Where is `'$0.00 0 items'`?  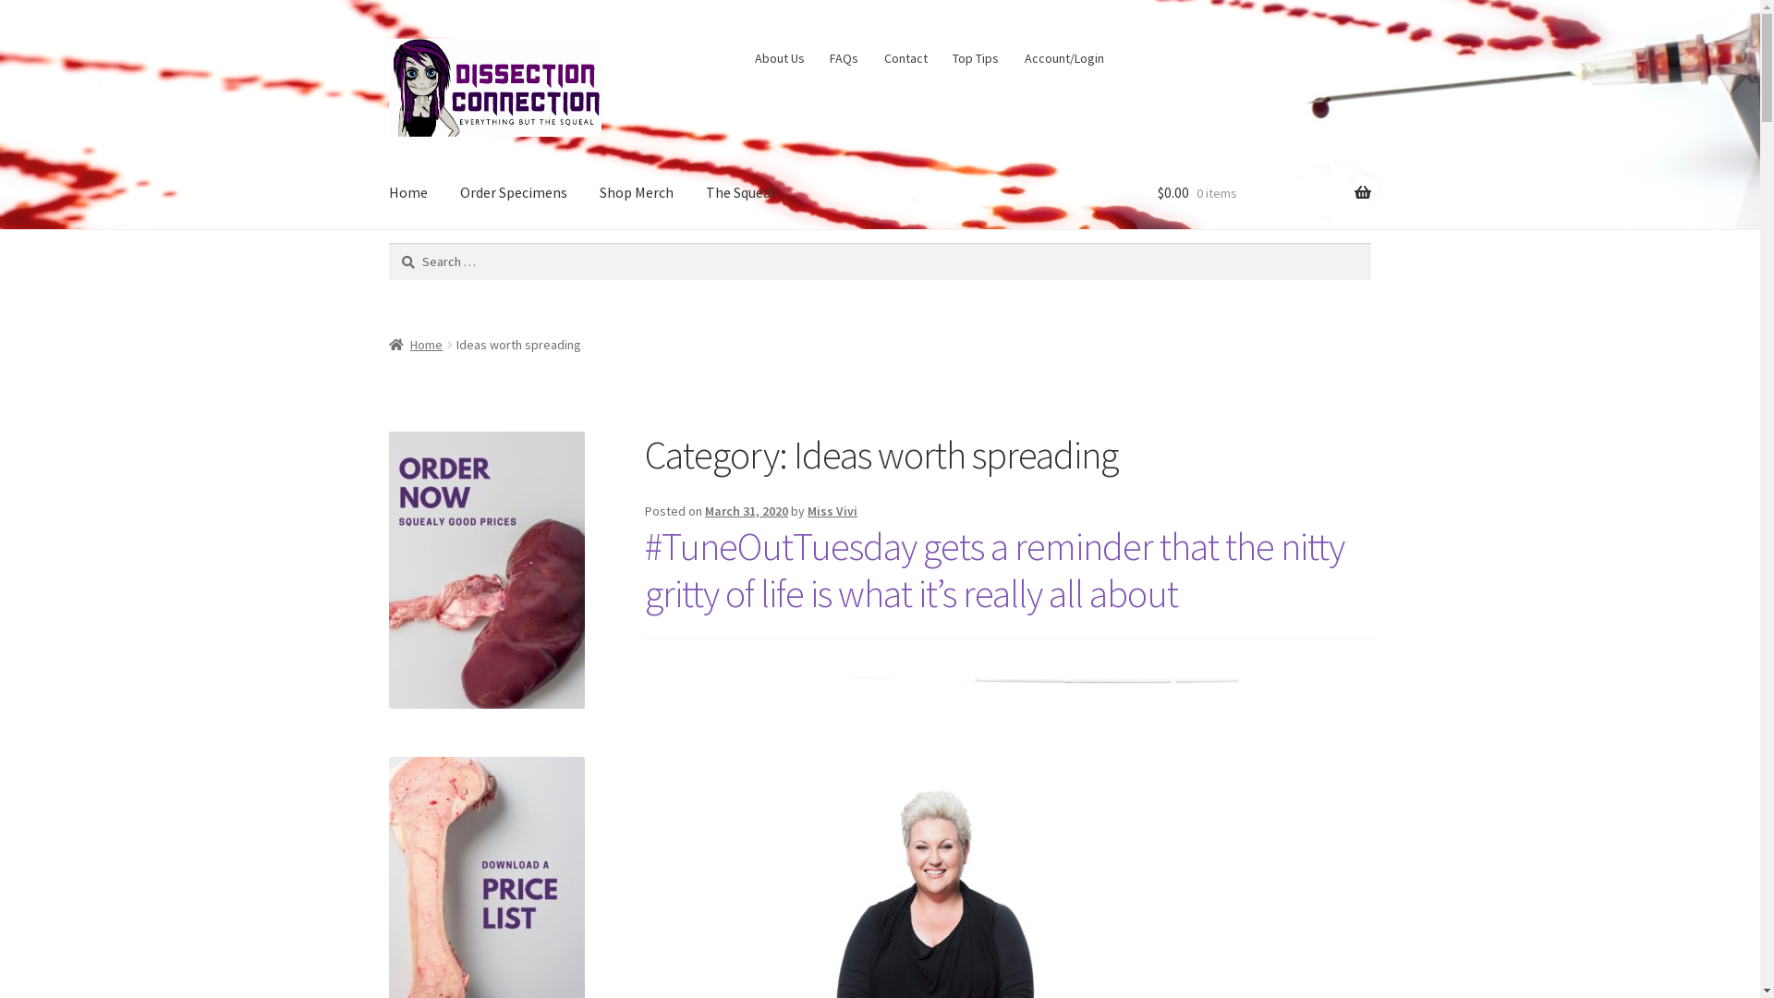
'$0.00 0 items' is located at coordinates (1263, 192).